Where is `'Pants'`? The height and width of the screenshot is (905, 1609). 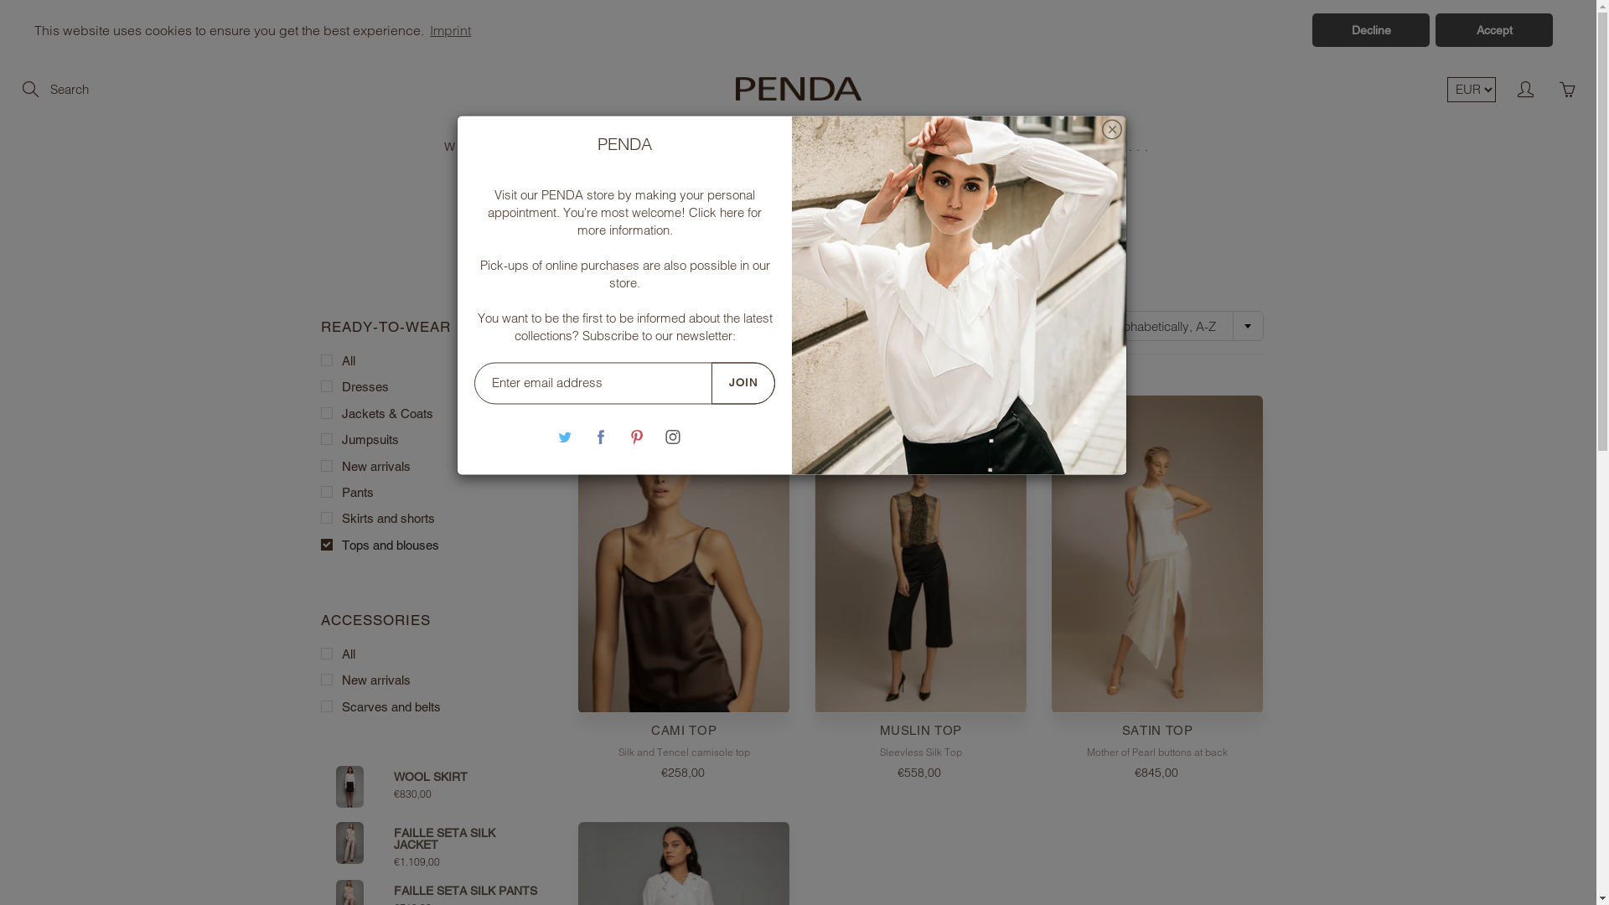 'Pants' is located at coordinates (320, 491).